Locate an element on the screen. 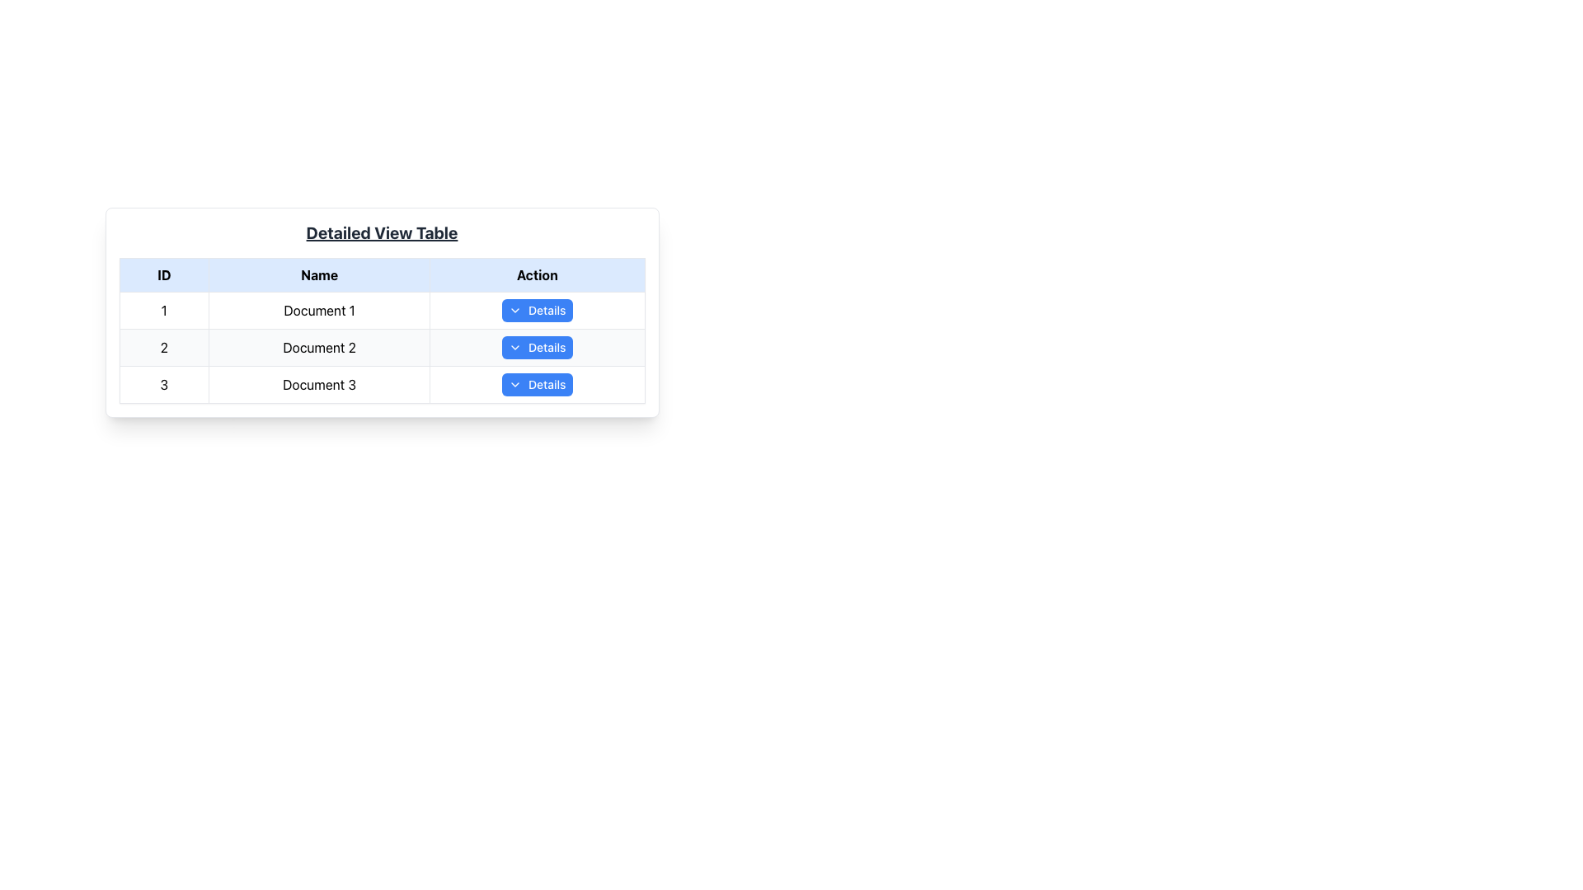  the bold numeric '3' in the ID column of the table for 'Document 3' is located at coordinates (164, 384).